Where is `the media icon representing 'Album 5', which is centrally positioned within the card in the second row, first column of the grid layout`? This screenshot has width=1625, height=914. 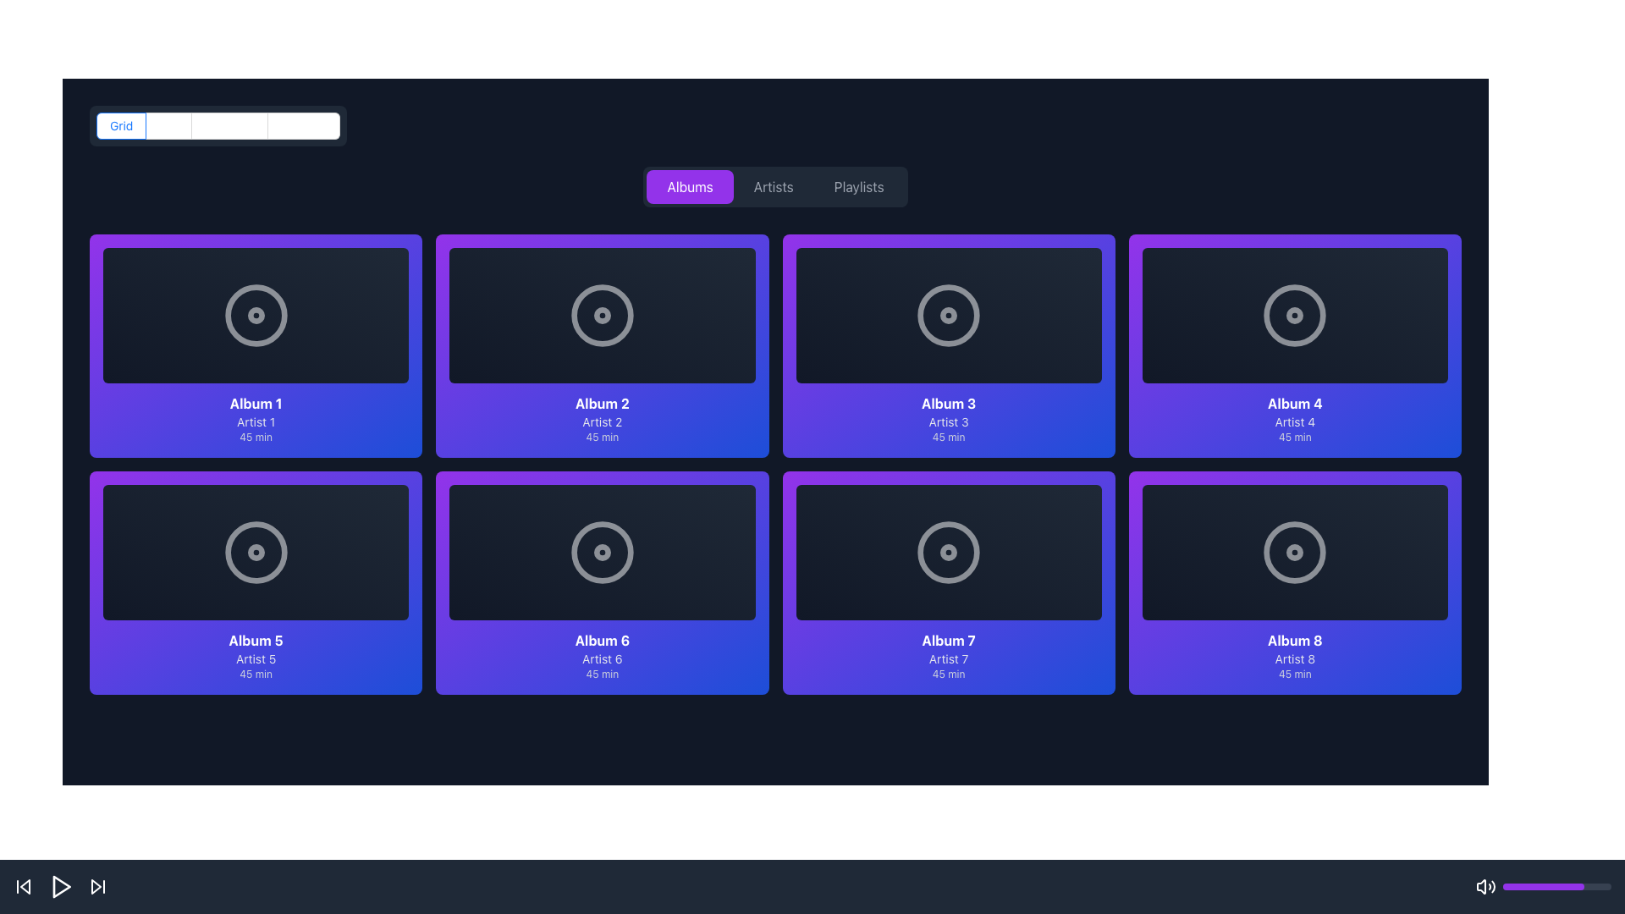
the media icon representing 'Album 5', which is centrally positioned within the card in the second row, first column of the grid layout is located at coordinates (255, 552).